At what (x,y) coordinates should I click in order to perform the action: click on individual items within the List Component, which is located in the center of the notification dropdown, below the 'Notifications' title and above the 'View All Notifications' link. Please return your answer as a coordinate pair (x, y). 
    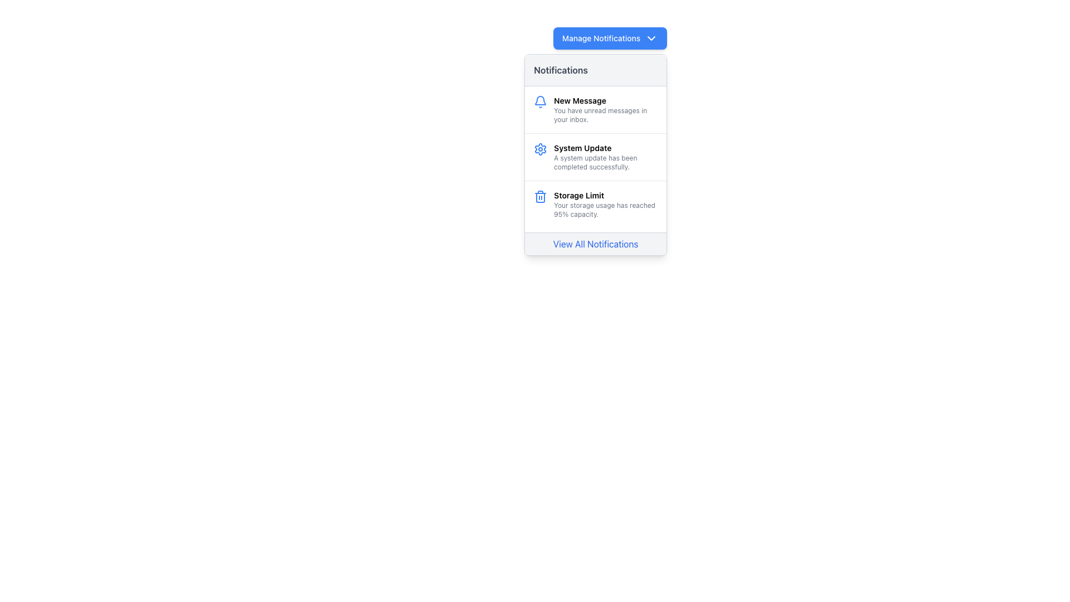
    Looking at the image, I should click on (595, 157).